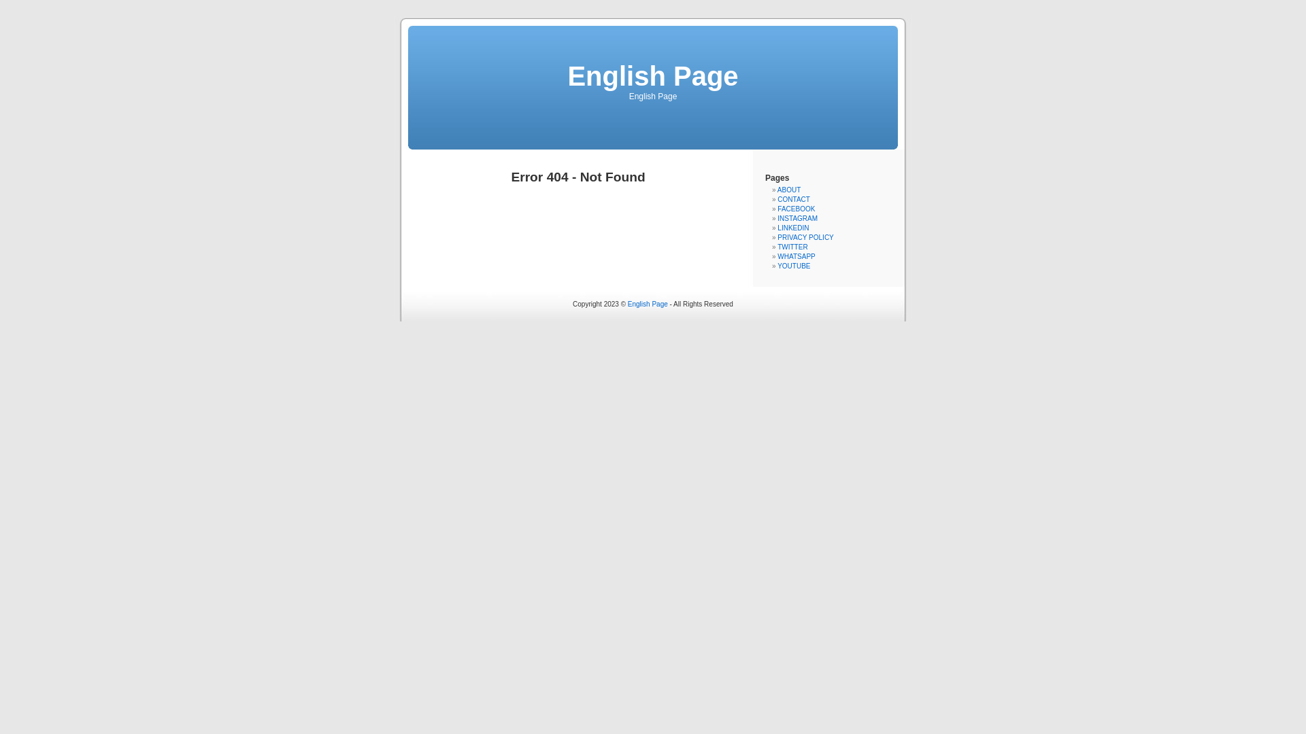  Describe the element at coordinates (797, 217) in the screenshot. I see `'INSTAGRAM'` at that location.